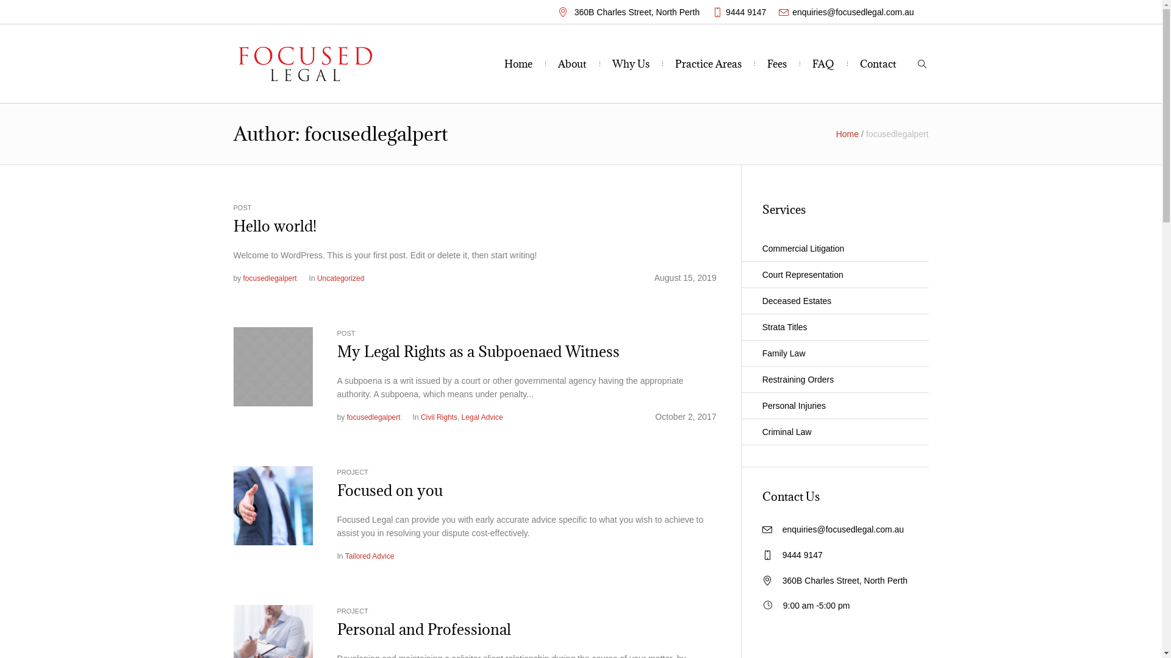 Image resolution: width=1171 pixels, height=658 pixels. What do you see at coordinates (271, 643) in the screenshot?
I see `'Personal and Professional'` at bounding box center [271, 643].